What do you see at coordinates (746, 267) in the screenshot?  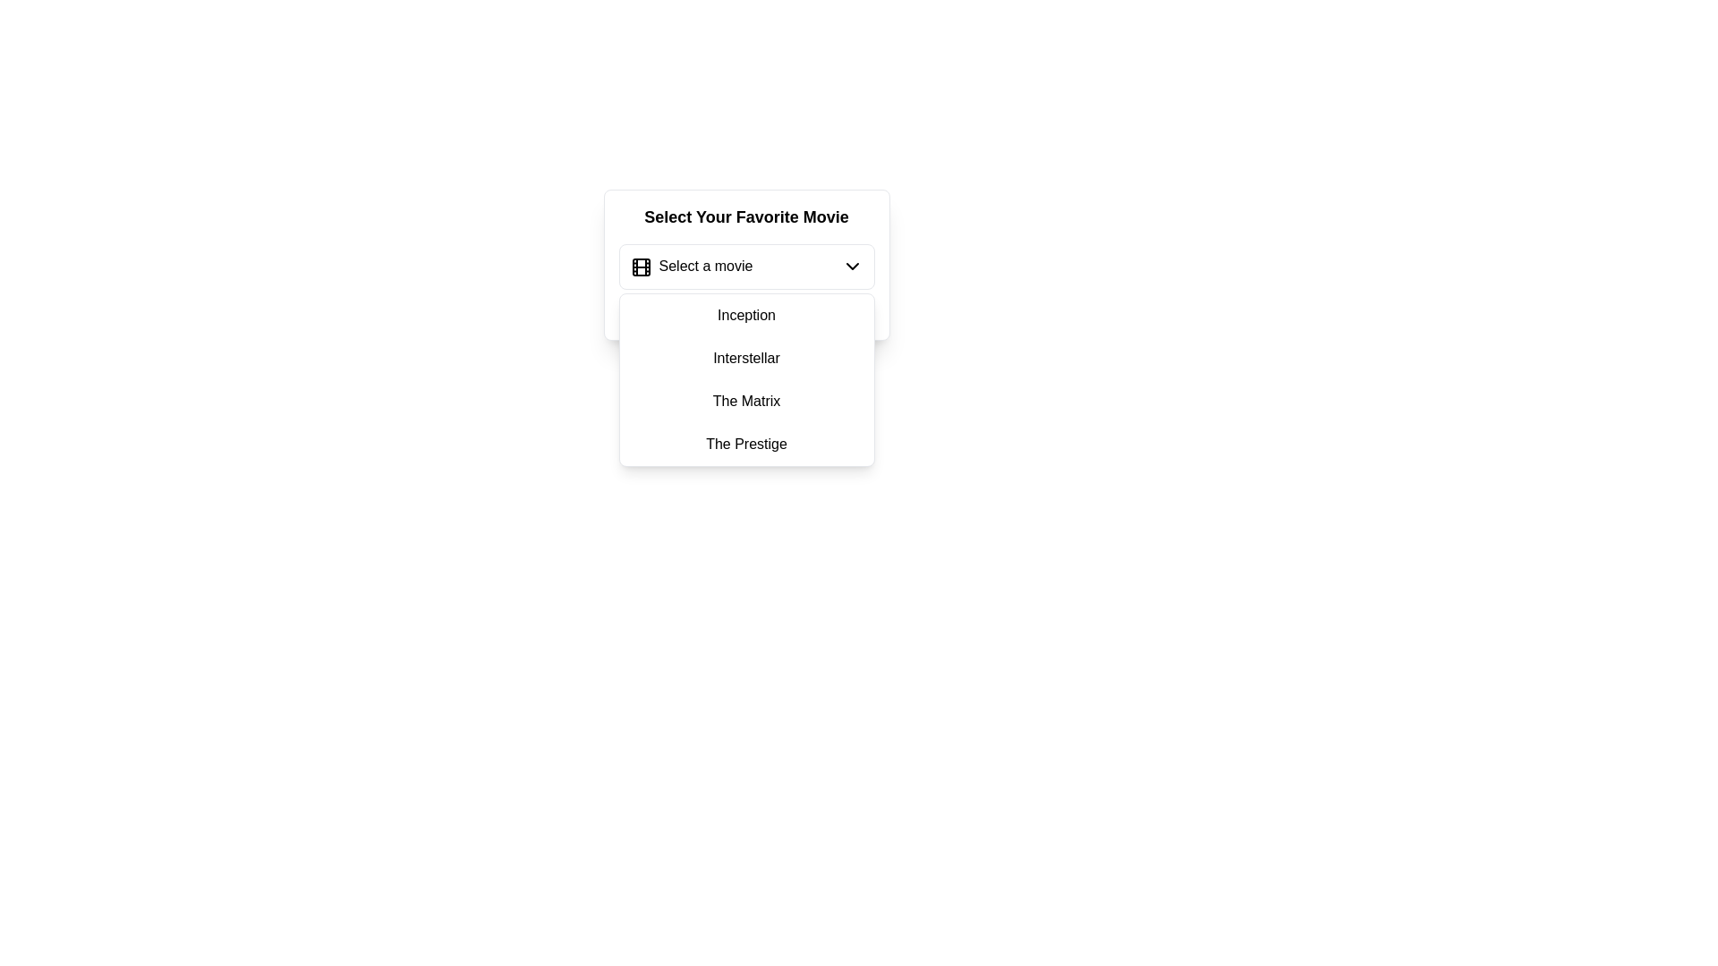 I see `the dropdown menu under the 'Select Your Favorite Movie' heading` at bounding box center [746, 267].